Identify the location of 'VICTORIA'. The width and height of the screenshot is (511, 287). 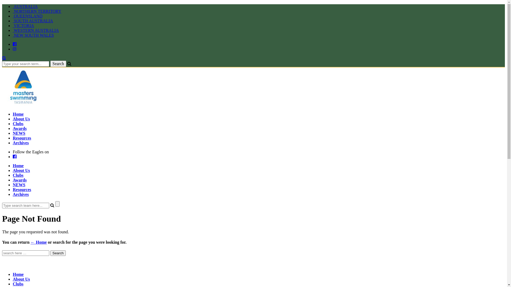
(13, 26).